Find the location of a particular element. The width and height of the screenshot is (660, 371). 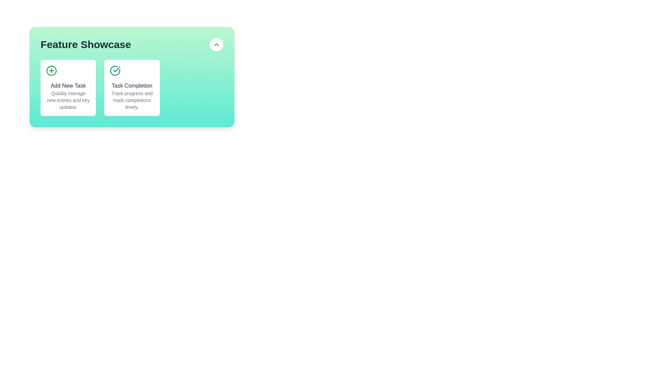

the Chevron Up icon located inside the rounded button at the top-right corner of the green gradient card labeled 'Feature Showcase' is located at coordinates (216, 45).